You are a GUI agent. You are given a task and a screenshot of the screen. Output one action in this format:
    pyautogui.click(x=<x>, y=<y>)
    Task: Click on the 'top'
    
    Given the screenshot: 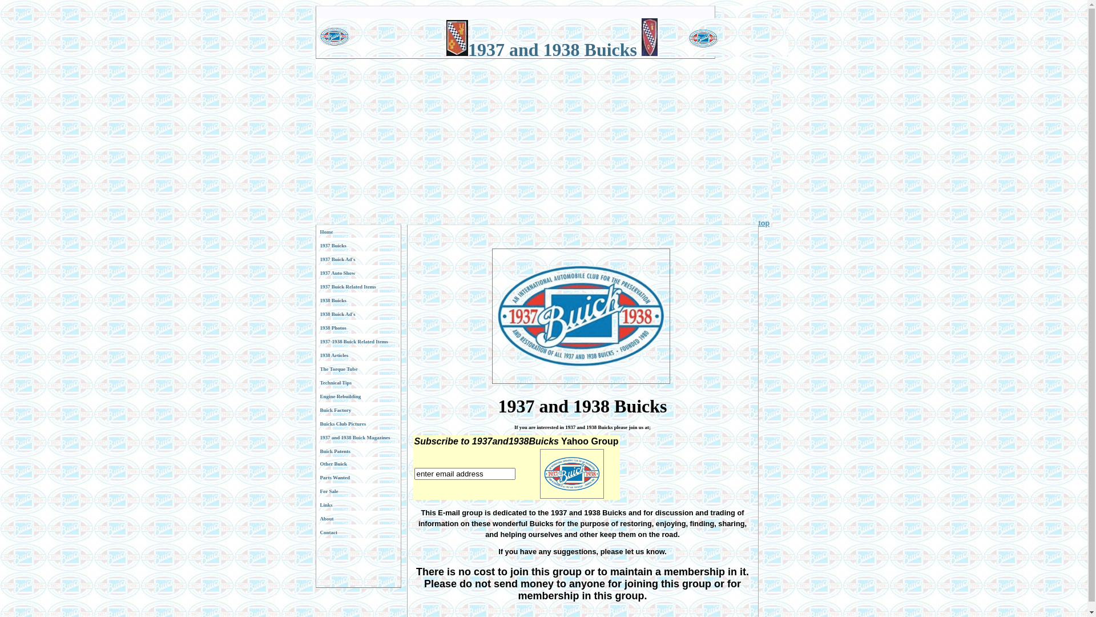 What is the action you would take?
    pyautogui.click(x=758, y=223)
    